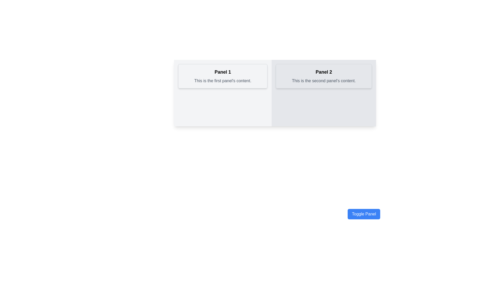 The height and width of the screenshot is (281, 500). Describe the element at coordinates (223, 81) in the screenshot. I see `the text element displaying information in 'Panel 1' located below the title of the panel` at that location.